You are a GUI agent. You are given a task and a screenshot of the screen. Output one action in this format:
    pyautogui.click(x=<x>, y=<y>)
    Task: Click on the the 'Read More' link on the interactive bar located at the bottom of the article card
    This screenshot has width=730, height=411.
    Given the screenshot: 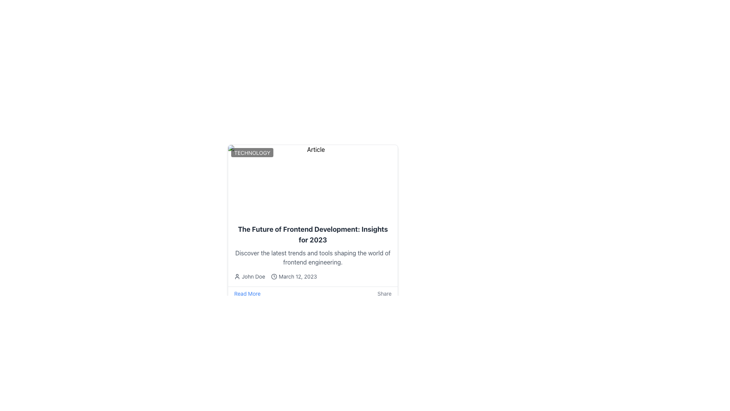 What is the action you would take?
    pyautogui.click(x=313, y=293)
    